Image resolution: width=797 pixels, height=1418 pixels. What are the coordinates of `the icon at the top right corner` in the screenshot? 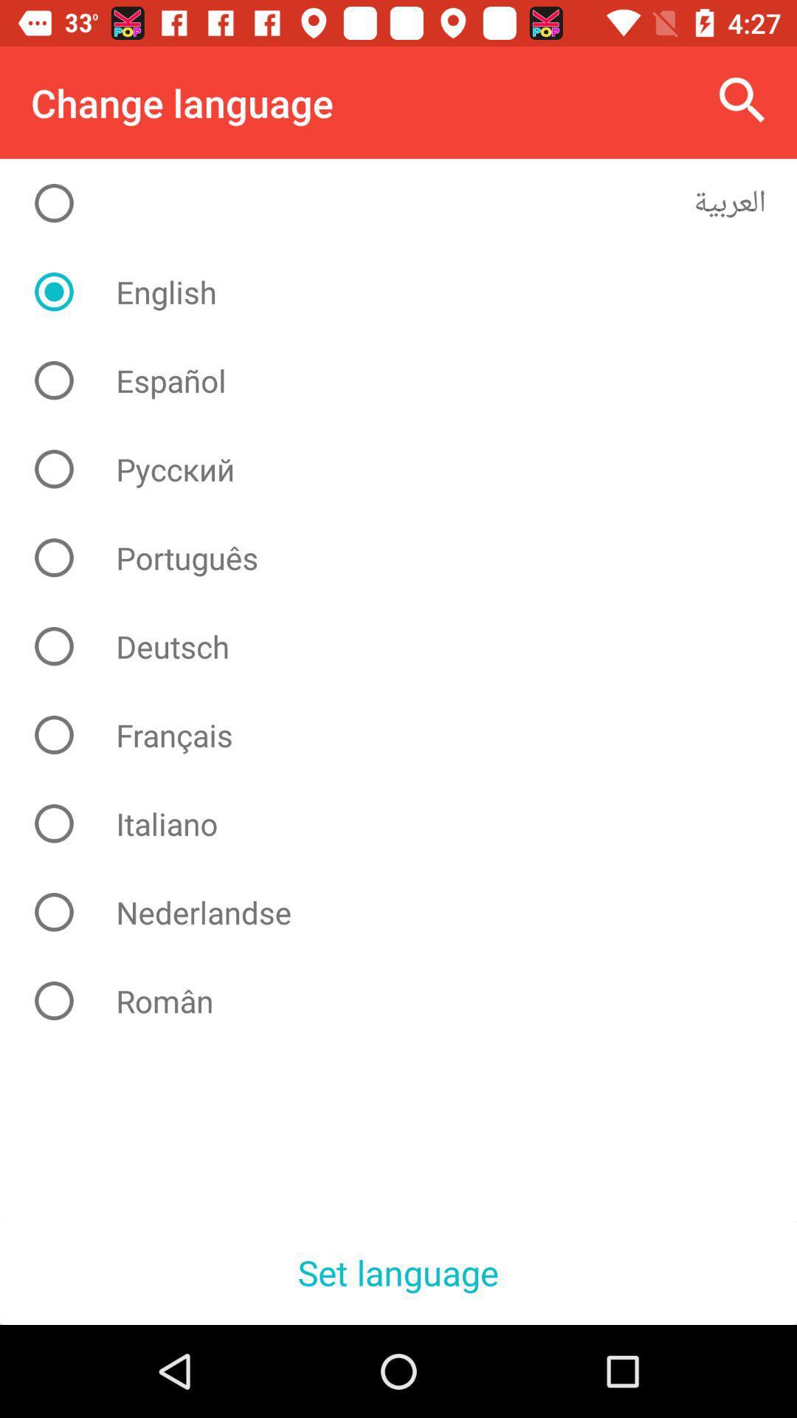 It's located at (742, 100).